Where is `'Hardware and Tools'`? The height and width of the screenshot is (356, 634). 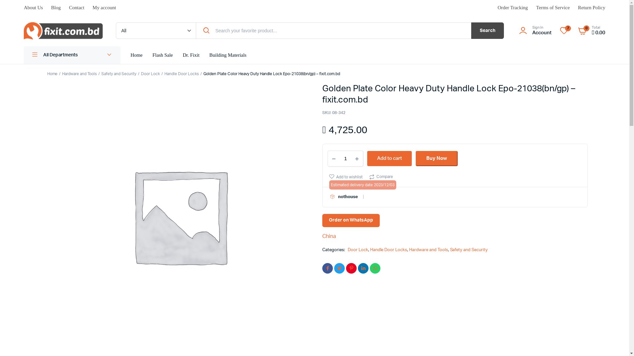
'Hardware and Tools' is located at coordinates (79, 74).